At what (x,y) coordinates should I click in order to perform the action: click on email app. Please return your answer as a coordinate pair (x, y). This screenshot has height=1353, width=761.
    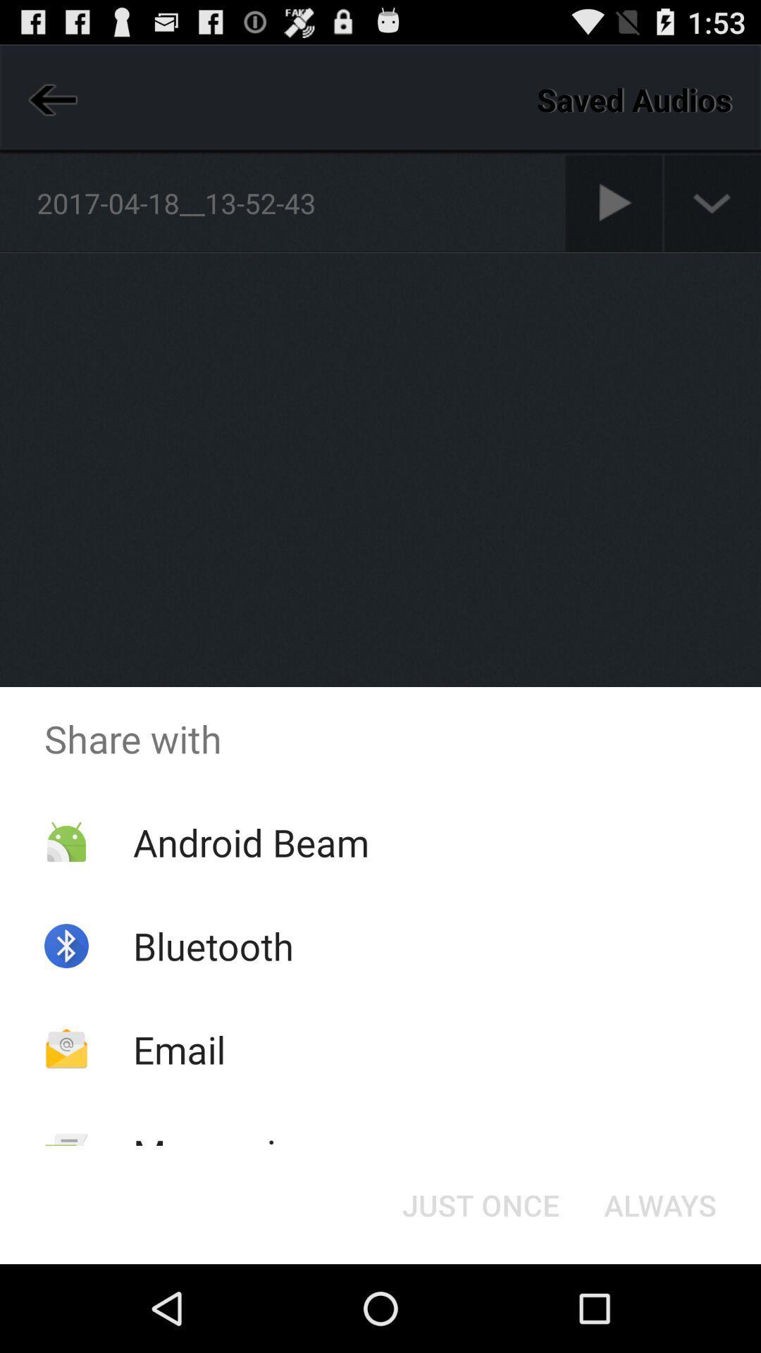
    Looking at the image, I should click on (178, 1049).